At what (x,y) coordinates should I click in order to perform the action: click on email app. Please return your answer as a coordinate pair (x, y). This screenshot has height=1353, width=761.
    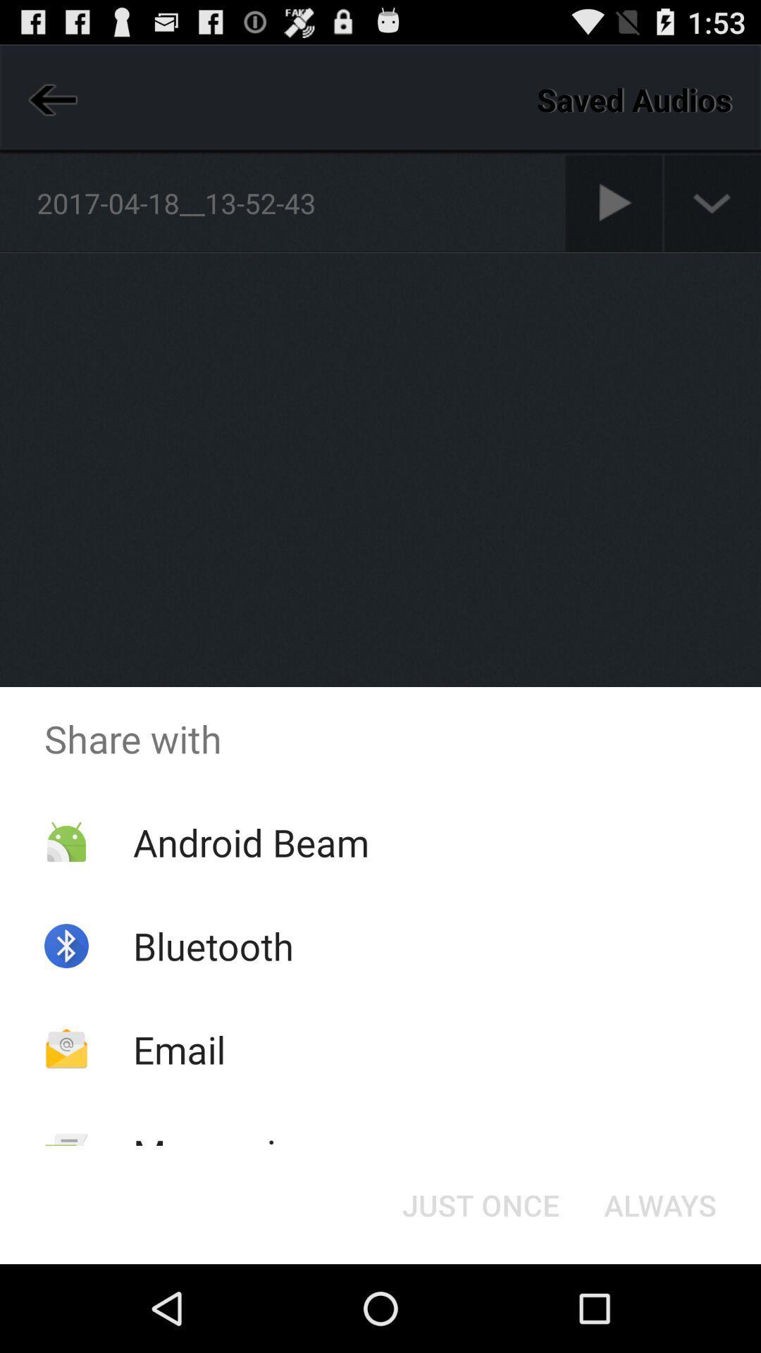
    Looking at the image, I should click on (178, 1049).